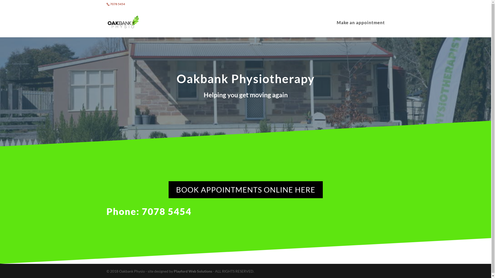 This screenshot has width=495, height=278. What do you see at coordinates (193, 271) in the screenshot?
I see `'Playford Web Solutions'` at bounding box center [193, 271].